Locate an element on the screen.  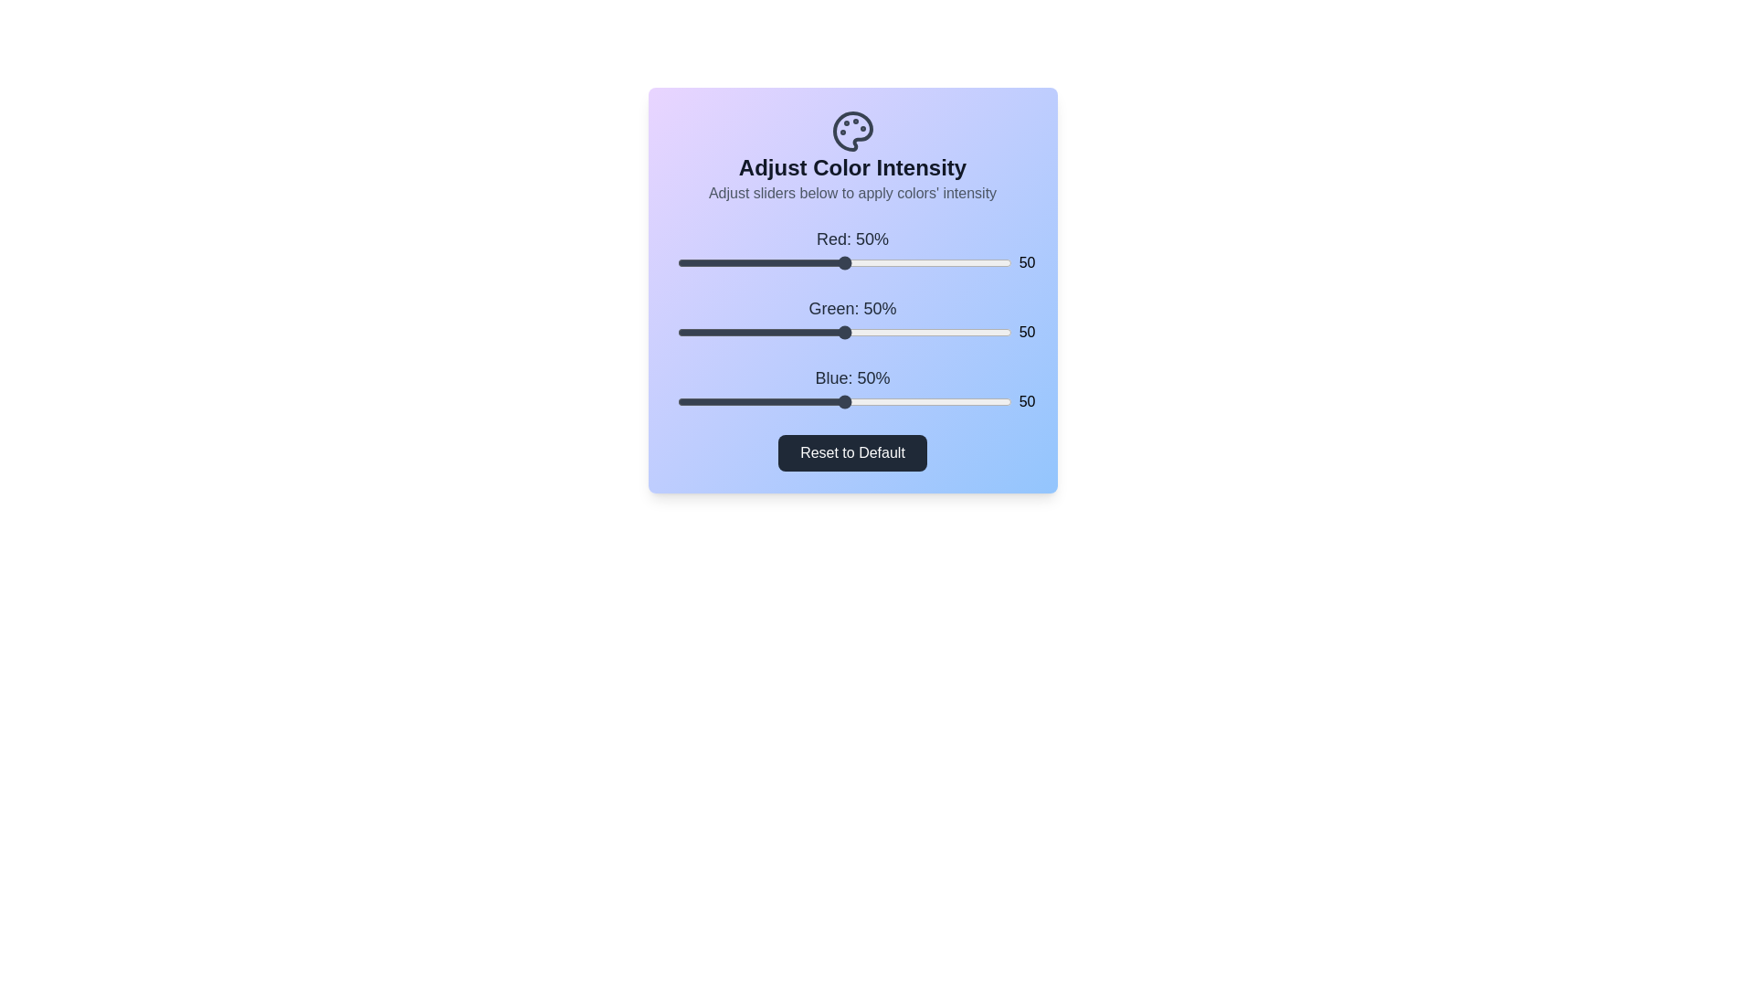
the 1 slider to 5% is located at coordinates (692, 332).